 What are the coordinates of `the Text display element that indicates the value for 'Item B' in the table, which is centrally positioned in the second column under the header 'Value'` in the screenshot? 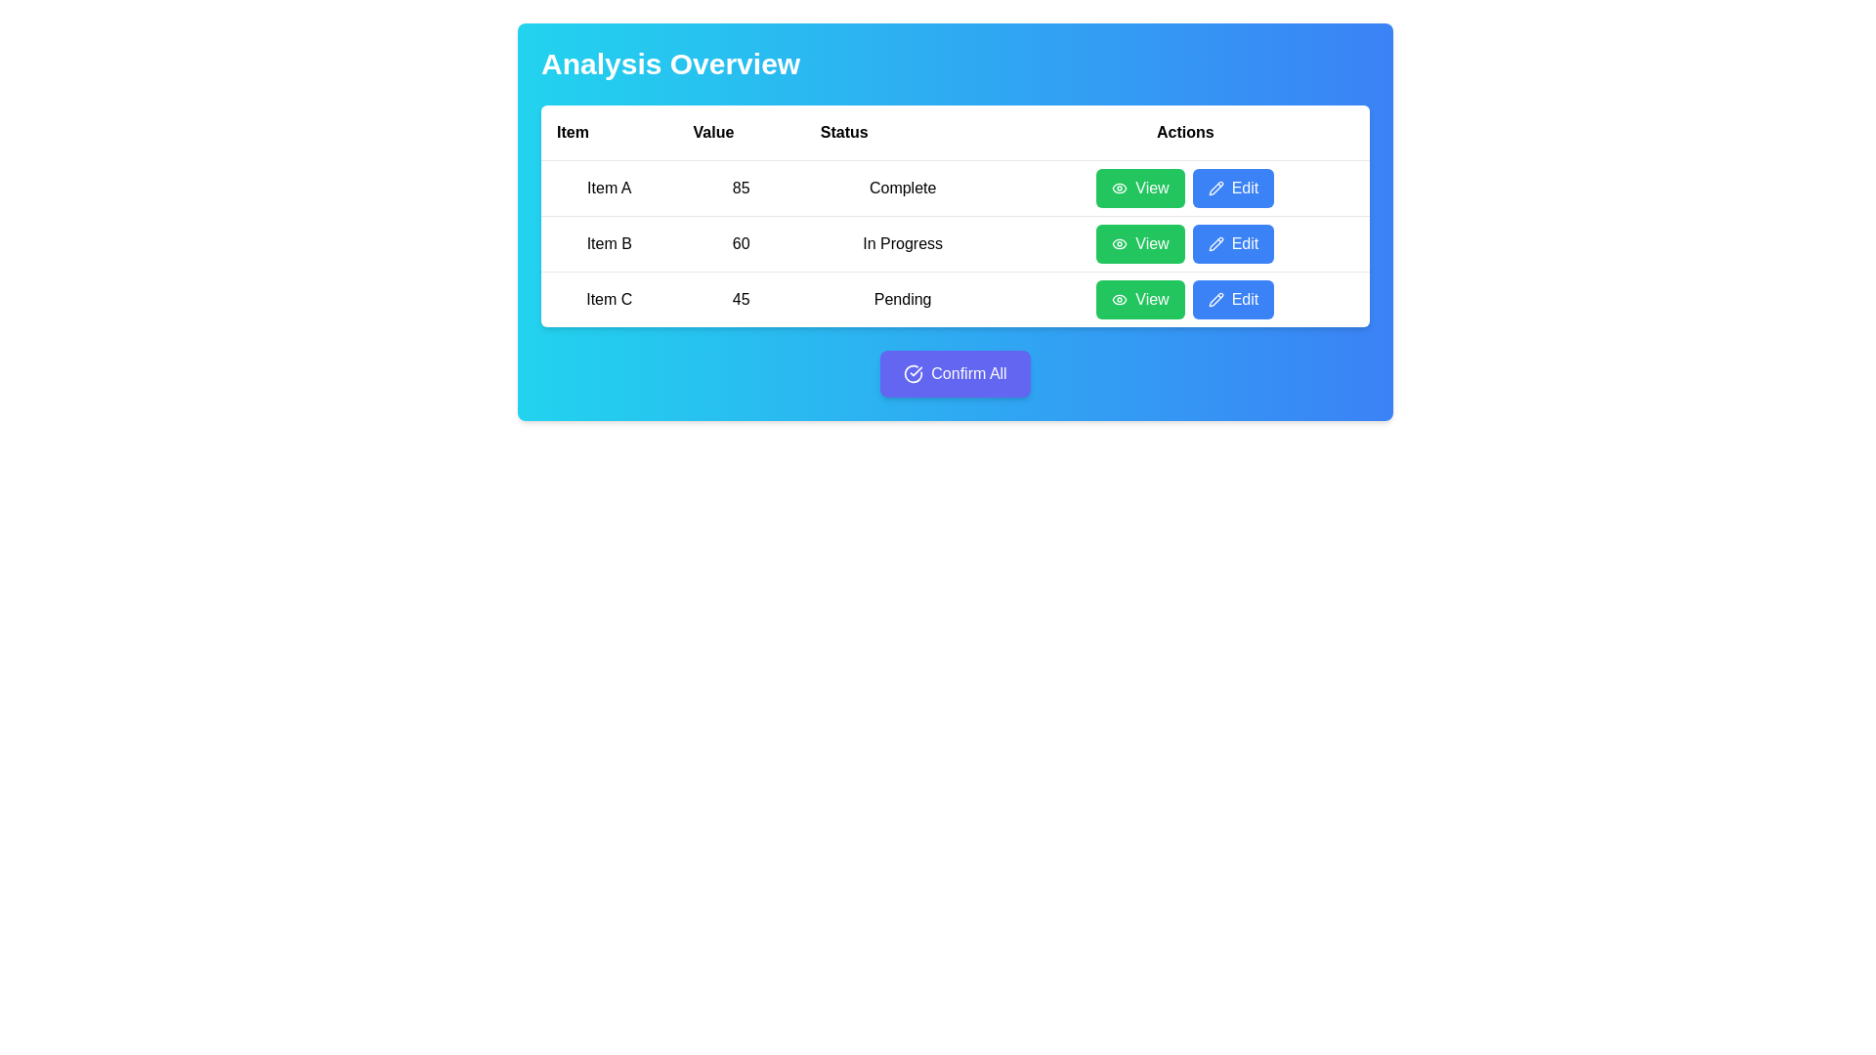 It's located at (740, 243).